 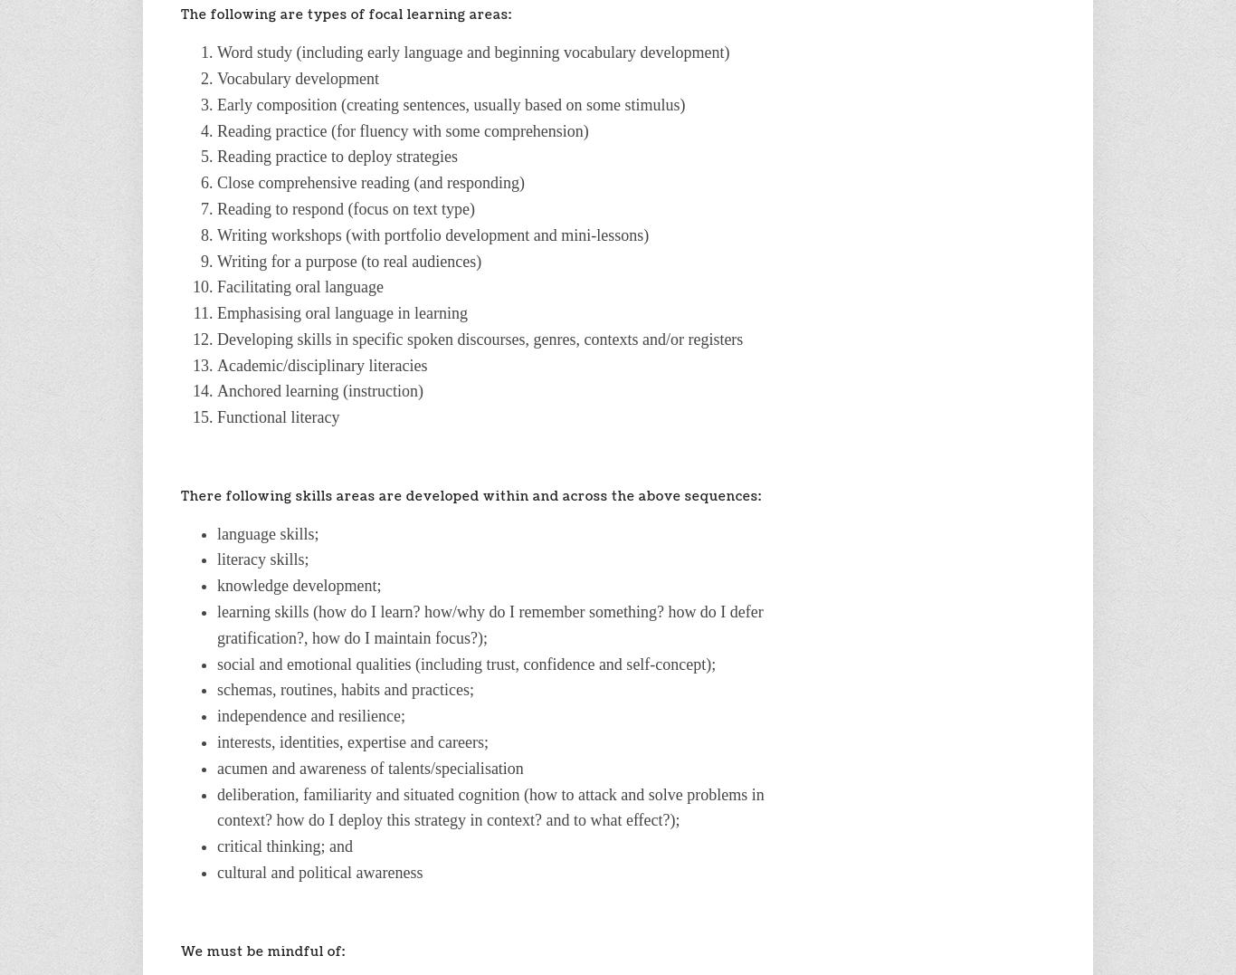 I want to click on 'Reading practice to deploy strategies', so click(x=336, y=155).